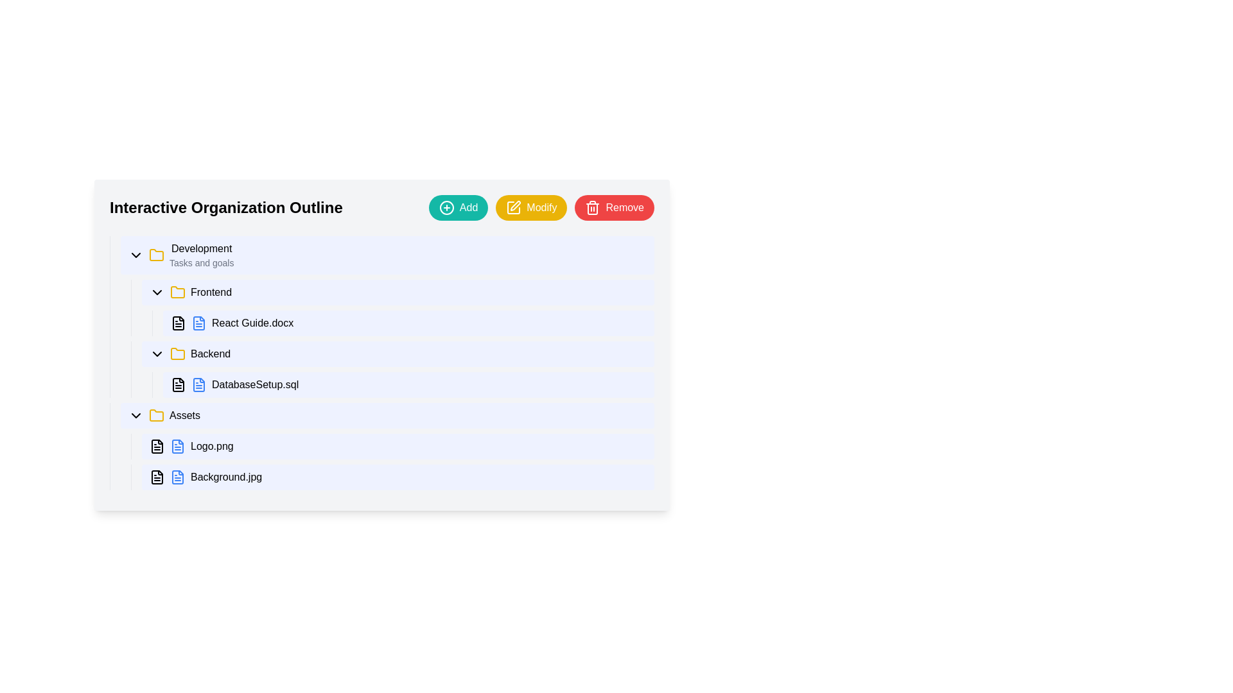 Image resolution: width=1233 pixels, height=693 pixels. Describe the element at coordinates (459, 207) in the screenshot. I see `the 'Add' button located in the top-right section of the interface` at that location.